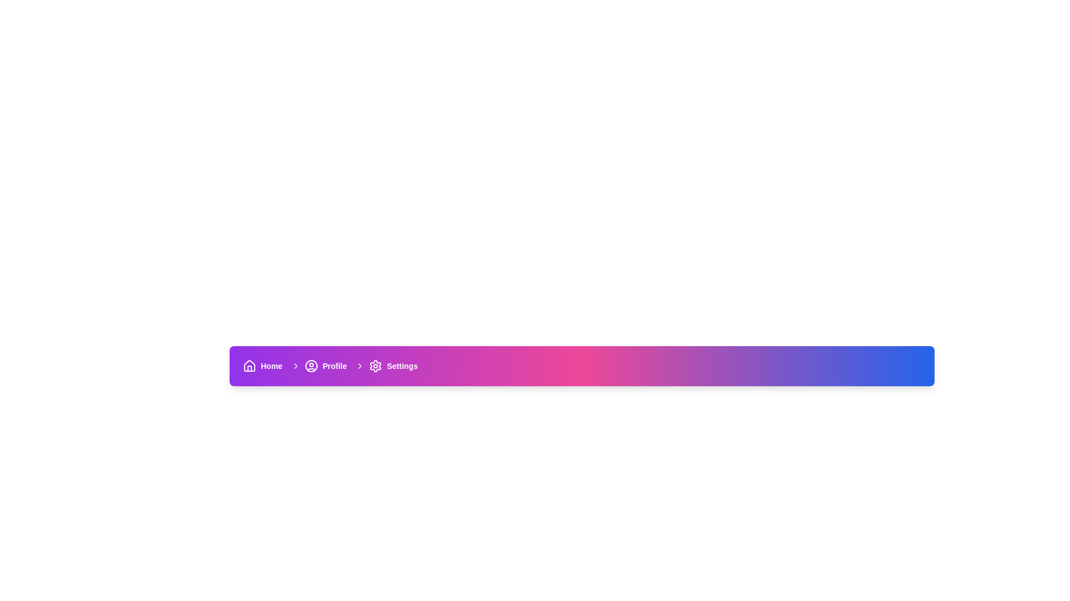  Describe the element at coordinates (249, 365) in the screenshot. I see `the 'Home' icon located in the bottom-right navigation bar, which serves as a button directing users to the main dashboard` at that location.